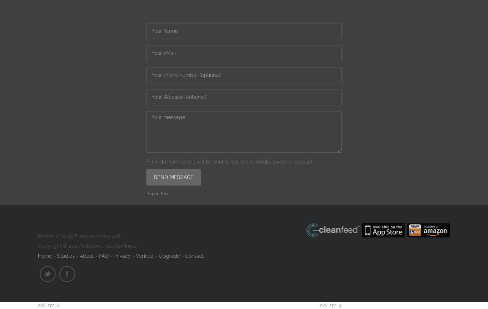 The height and width of the screenshot is (309, 488). What do you see at coordinates (49, 305) in the screenshot?
I see `'col-sm-8'` at bounding box center [49, 305].